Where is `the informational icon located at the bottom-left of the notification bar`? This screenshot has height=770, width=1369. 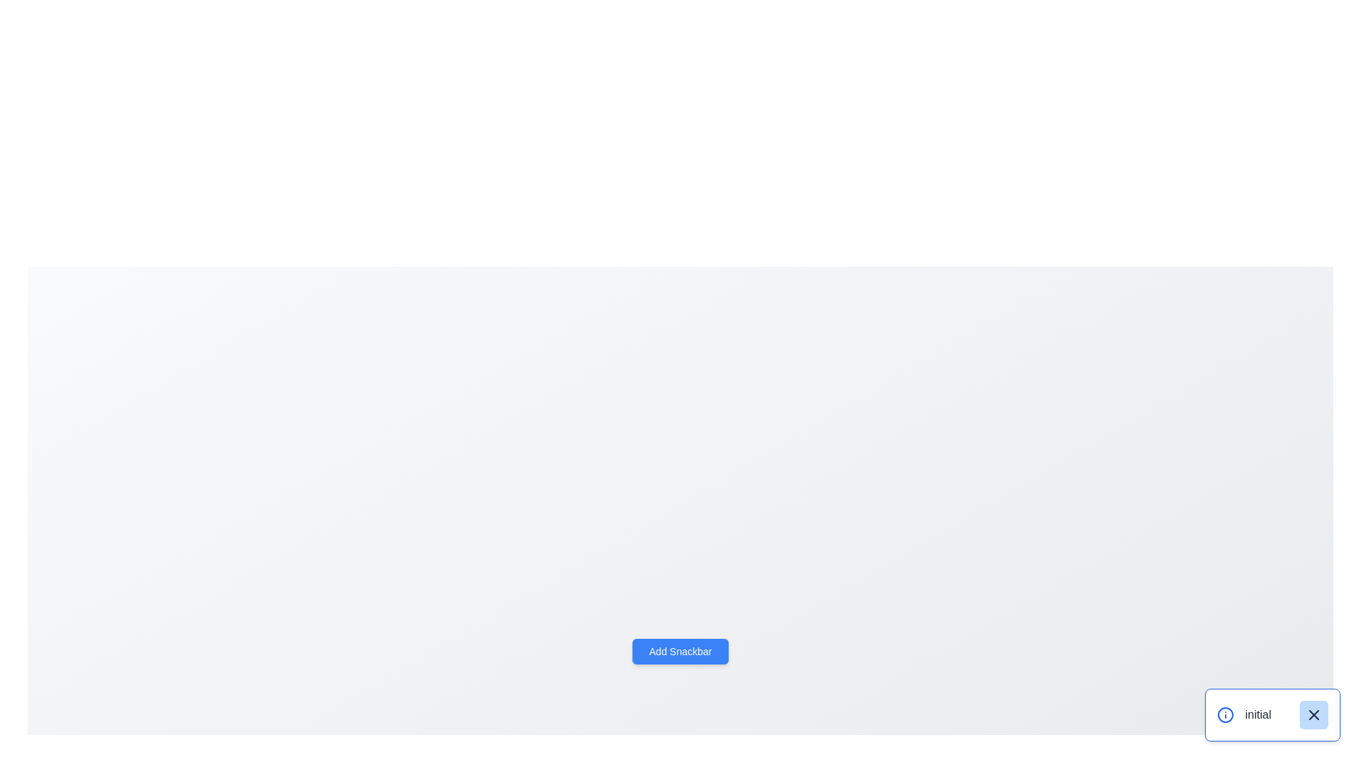 the informational icon located at the bottom-left of the notification bar is located at coordinates (1224, 714).